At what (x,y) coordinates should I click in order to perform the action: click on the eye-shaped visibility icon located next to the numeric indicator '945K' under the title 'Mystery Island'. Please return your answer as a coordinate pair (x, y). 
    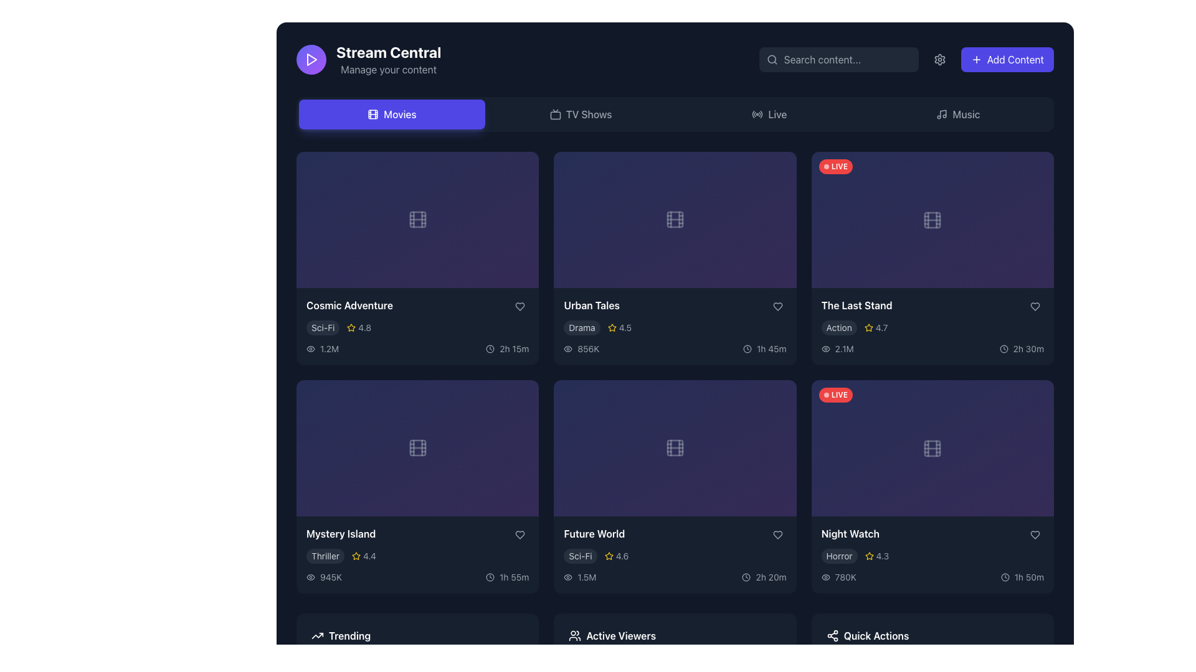
    Looking at the image, I should click on (311, 576).